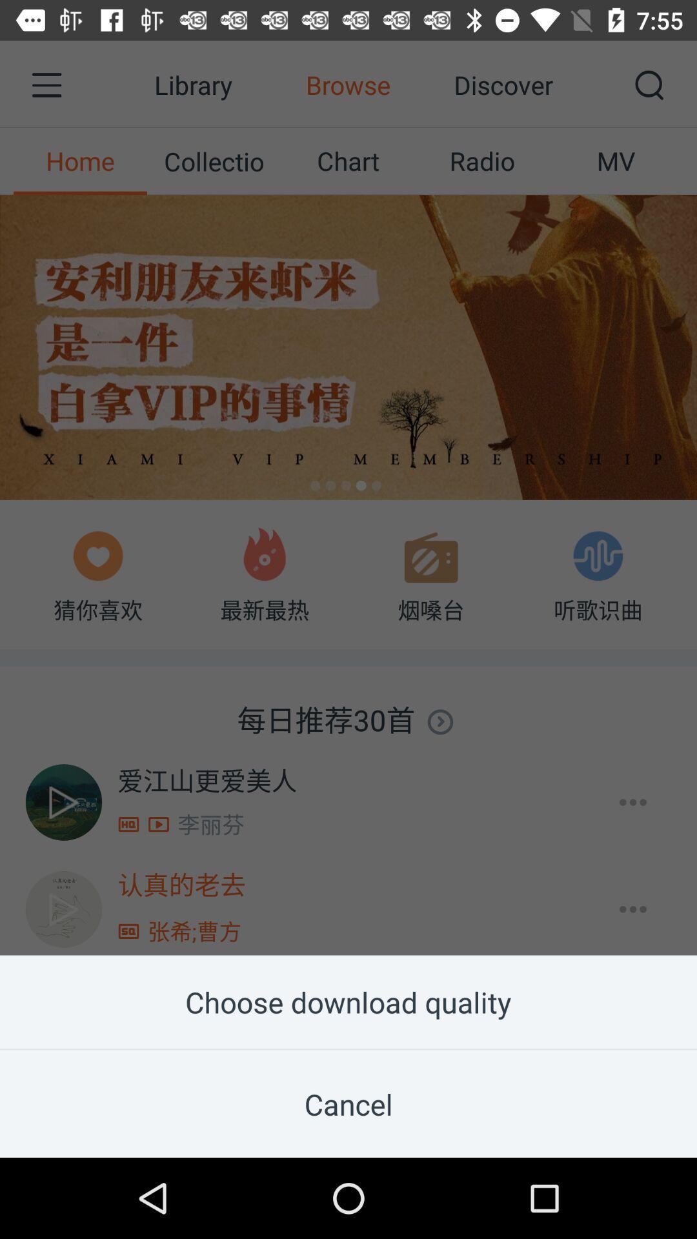  I want to click on item at the center, so click(348, 477).